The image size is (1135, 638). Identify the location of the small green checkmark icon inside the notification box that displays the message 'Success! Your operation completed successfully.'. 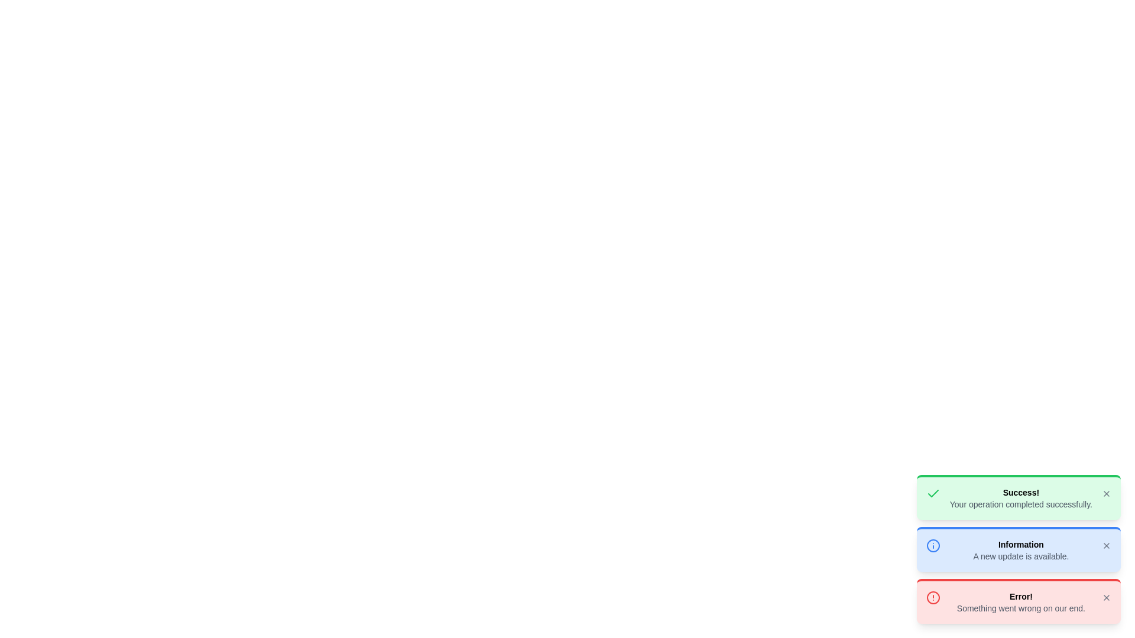
(932, 493).